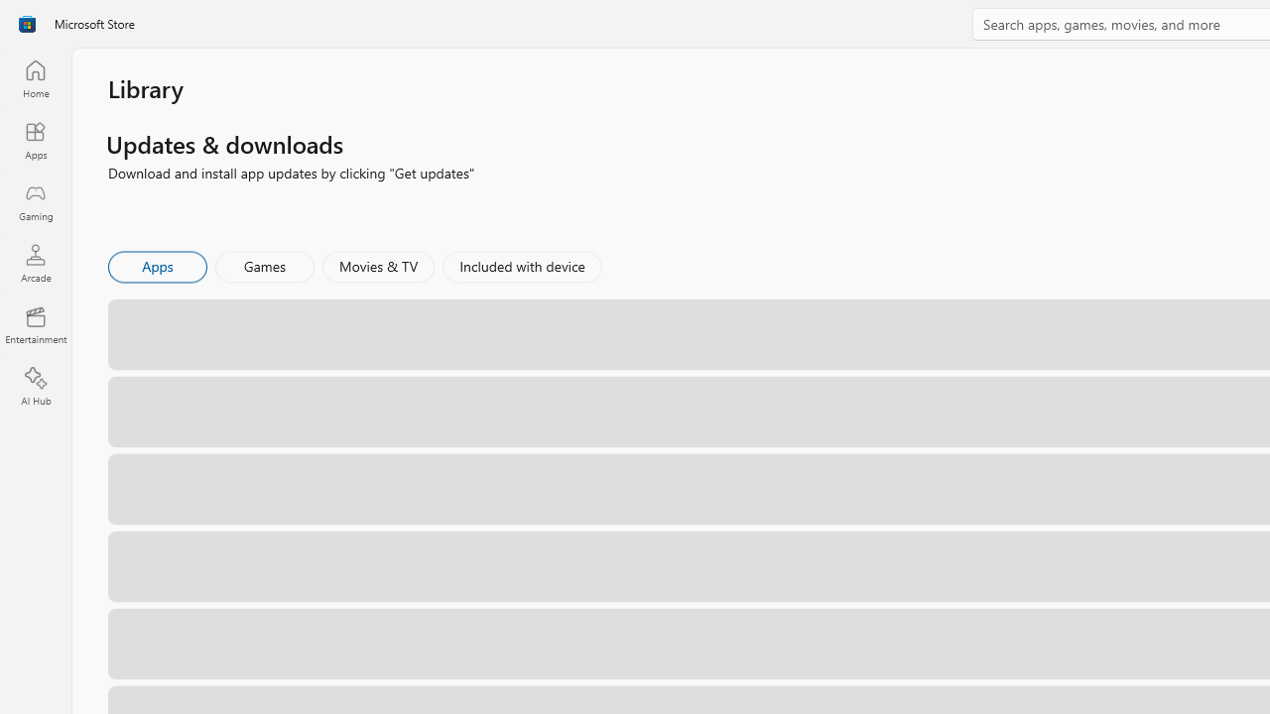  Describe the element at coordinates (35, 262) in the screenshot. I see `'Arcade'` at that location.